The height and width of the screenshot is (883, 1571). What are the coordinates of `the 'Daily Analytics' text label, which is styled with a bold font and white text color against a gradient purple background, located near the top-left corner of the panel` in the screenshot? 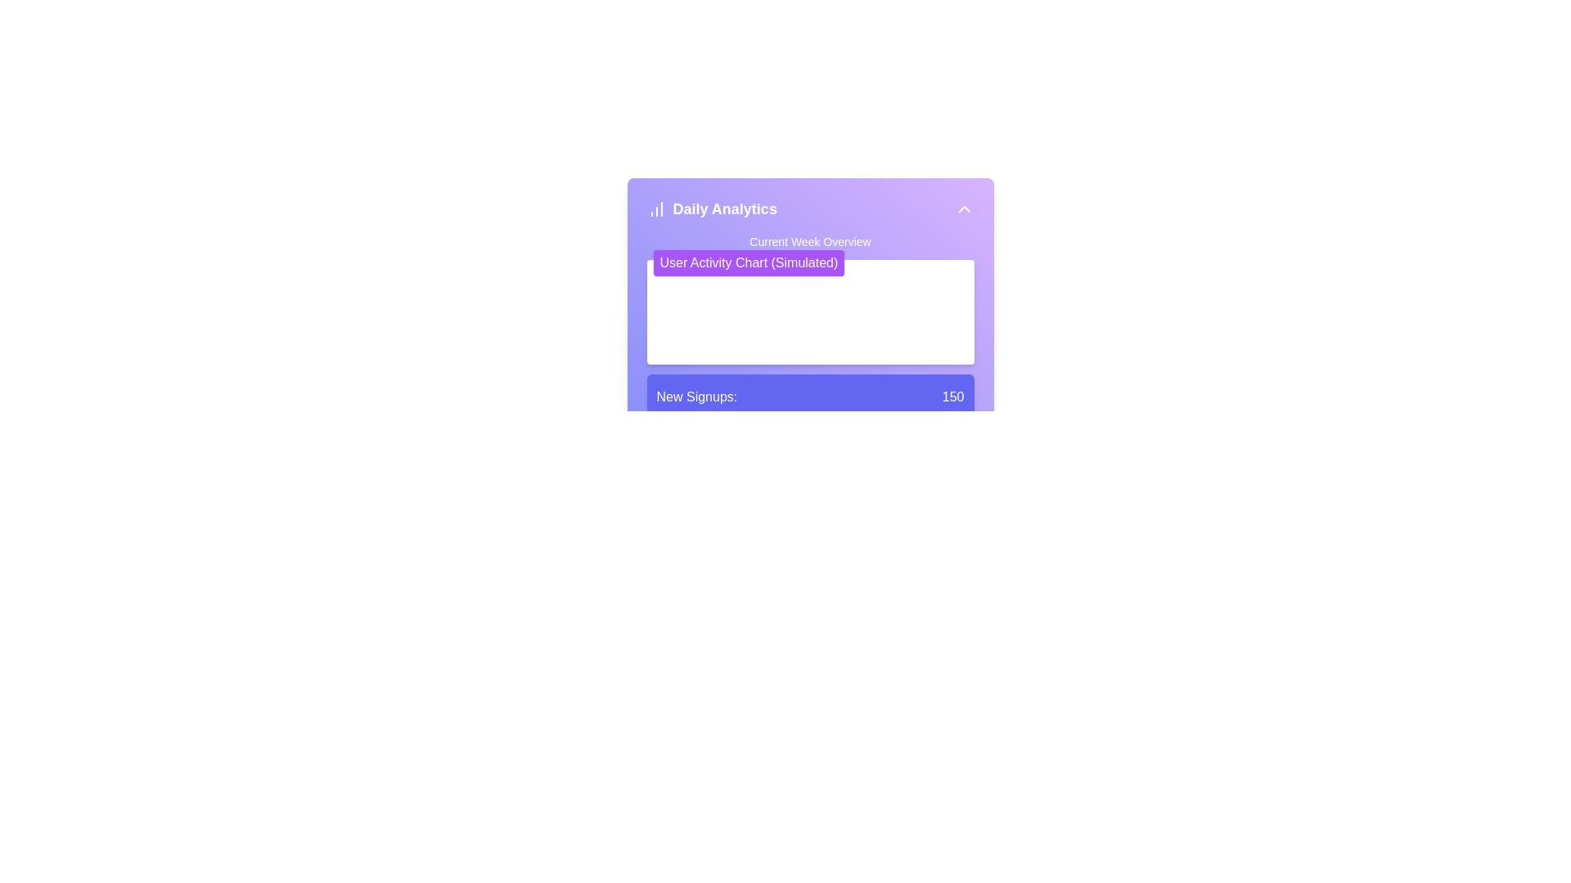 It's located at (724, 208).